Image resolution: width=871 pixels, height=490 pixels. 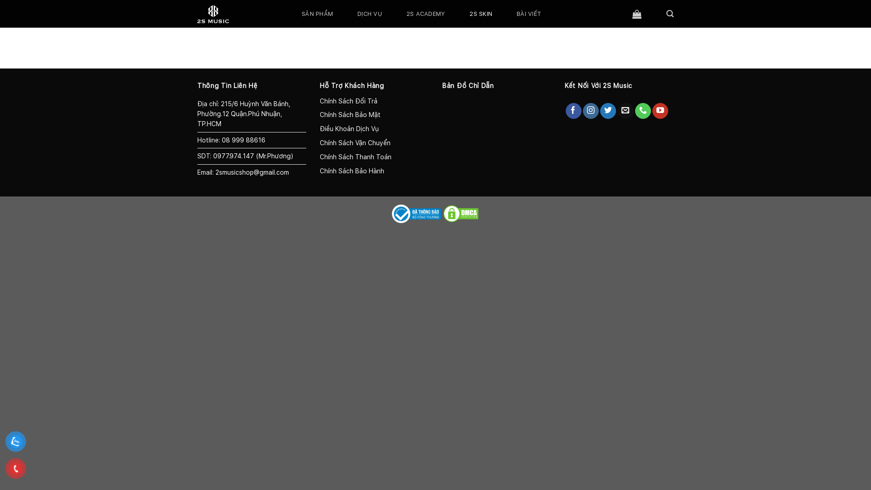 What do you see at coordinates (426, 14) in the screenshot?
I see `'2S ACADEMY'` at bounding box center [426, 14].